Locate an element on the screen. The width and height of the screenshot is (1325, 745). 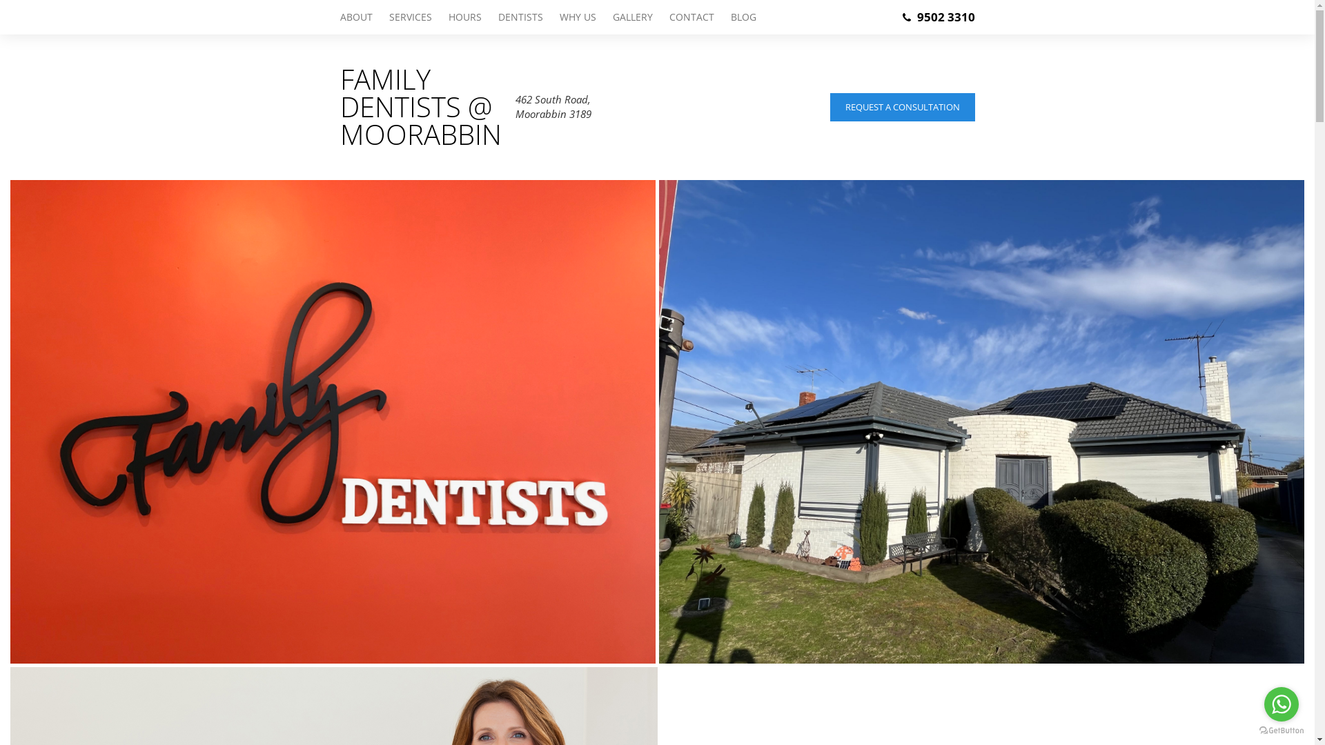
'BLOG' is located at coordinates (738, 17).